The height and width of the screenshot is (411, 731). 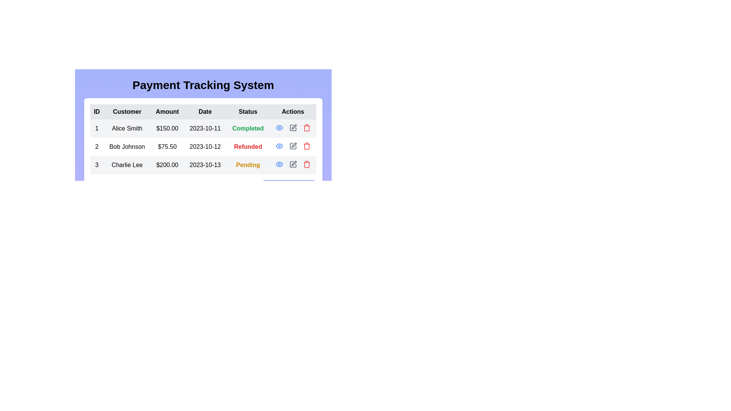 What do you see at coordinates (279, 164) in the screenshot?
I see `the icon button located in the 'Actions' column of the third row in the tabular interface` at bounding box center [279, 164].